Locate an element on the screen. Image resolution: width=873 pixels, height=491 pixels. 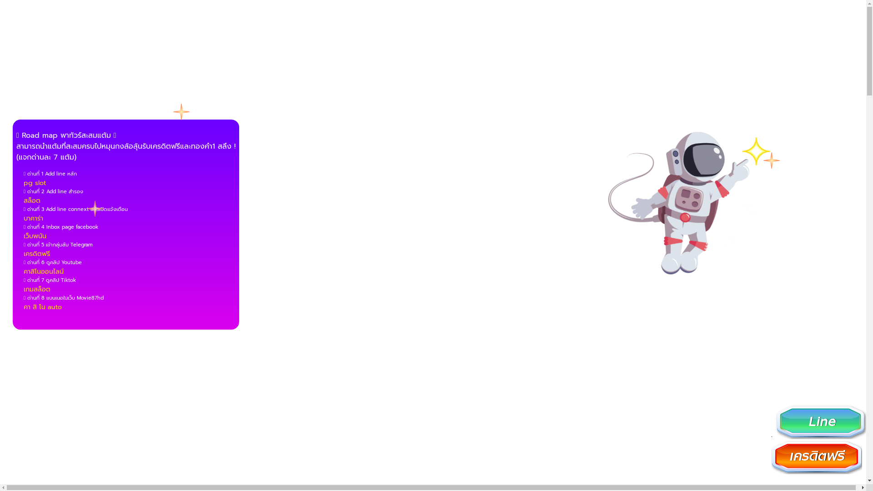
'pg slot' is located at coordinates (35, 182).